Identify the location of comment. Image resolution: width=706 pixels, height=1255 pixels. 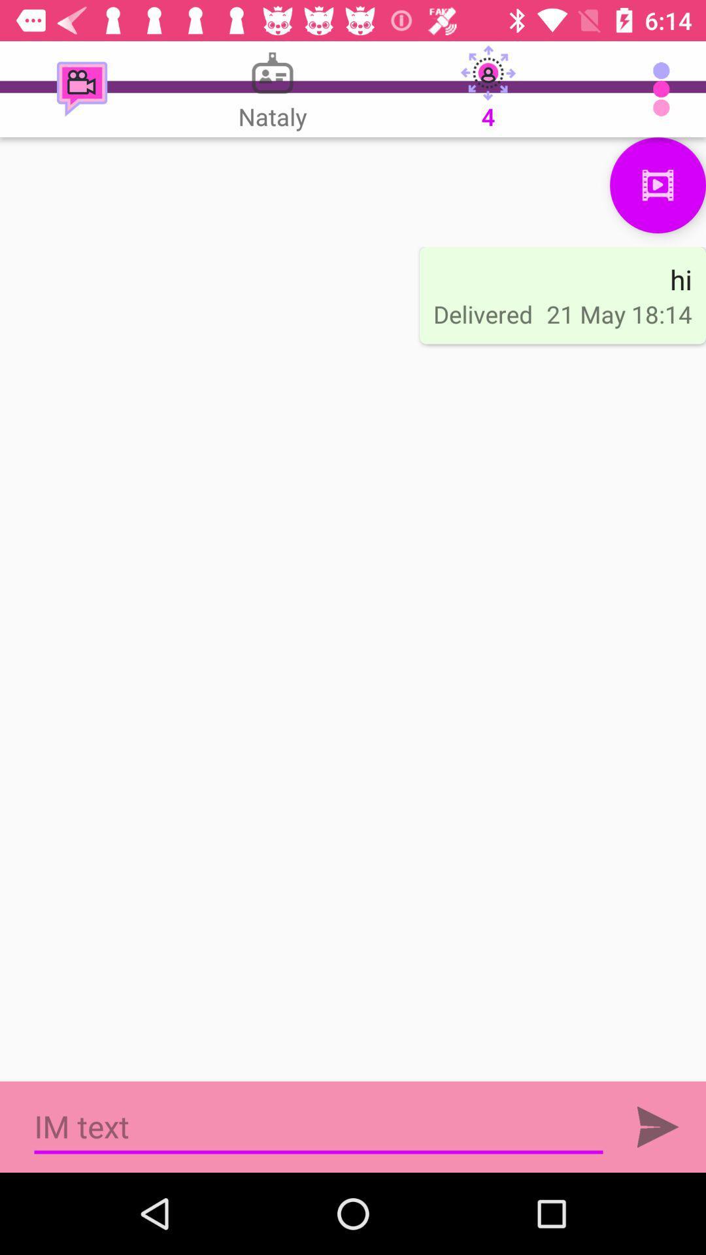
(658, 1126).